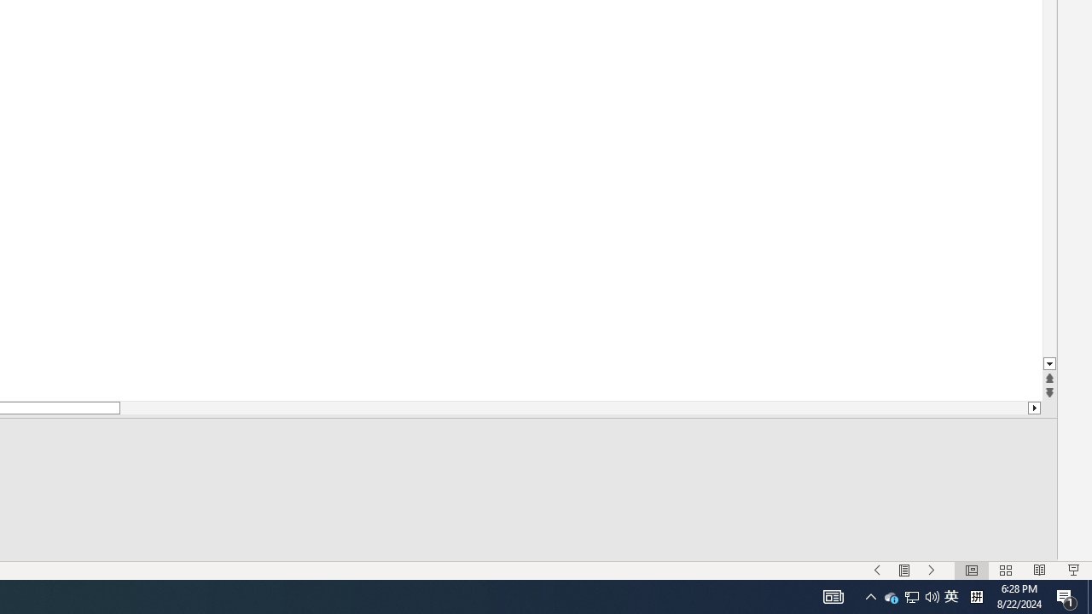 This screenshot has width=1092, height=614. Describe the element at coordinates (971, 571) in the screenshot. I see `'Normal'` at that location.